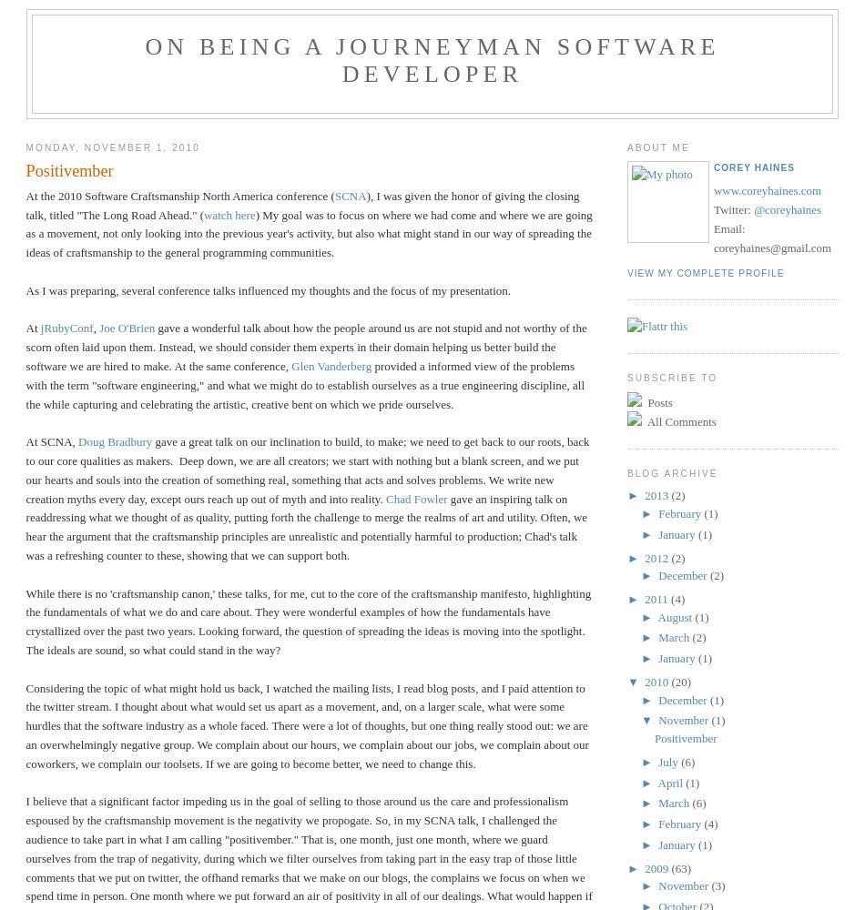 Image resolution: width=865 pixels, height=910 pixels. Describe the element at coordinates (752, 167) in the screenshot. I see `'Corey Haines'` at that location.